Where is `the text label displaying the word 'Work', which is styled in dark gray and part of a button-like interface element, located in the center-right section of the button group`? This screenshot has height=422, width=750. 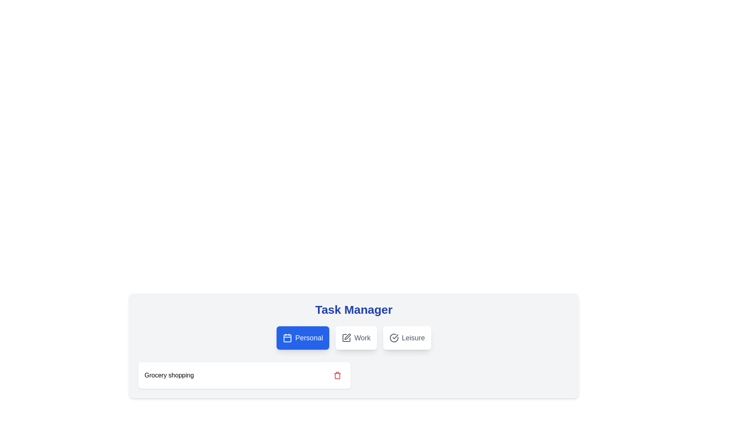 the text label displaying the word 'Work', which is styled in dark gray and part of a button-like interface element, located in the center-right section of the button group is located at coordinates (362, 337).